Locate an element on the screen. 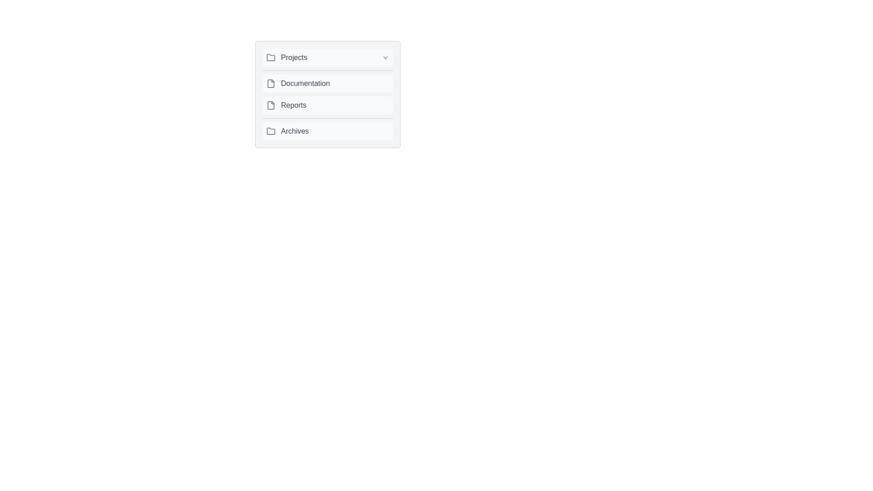 The width and height of the screenshot is (873, 491). the fourth separator line in the vertically stacked list, which is positioned beneath the 'Reports' item and above the 'Archives' item is located at coordinates (327, 118).